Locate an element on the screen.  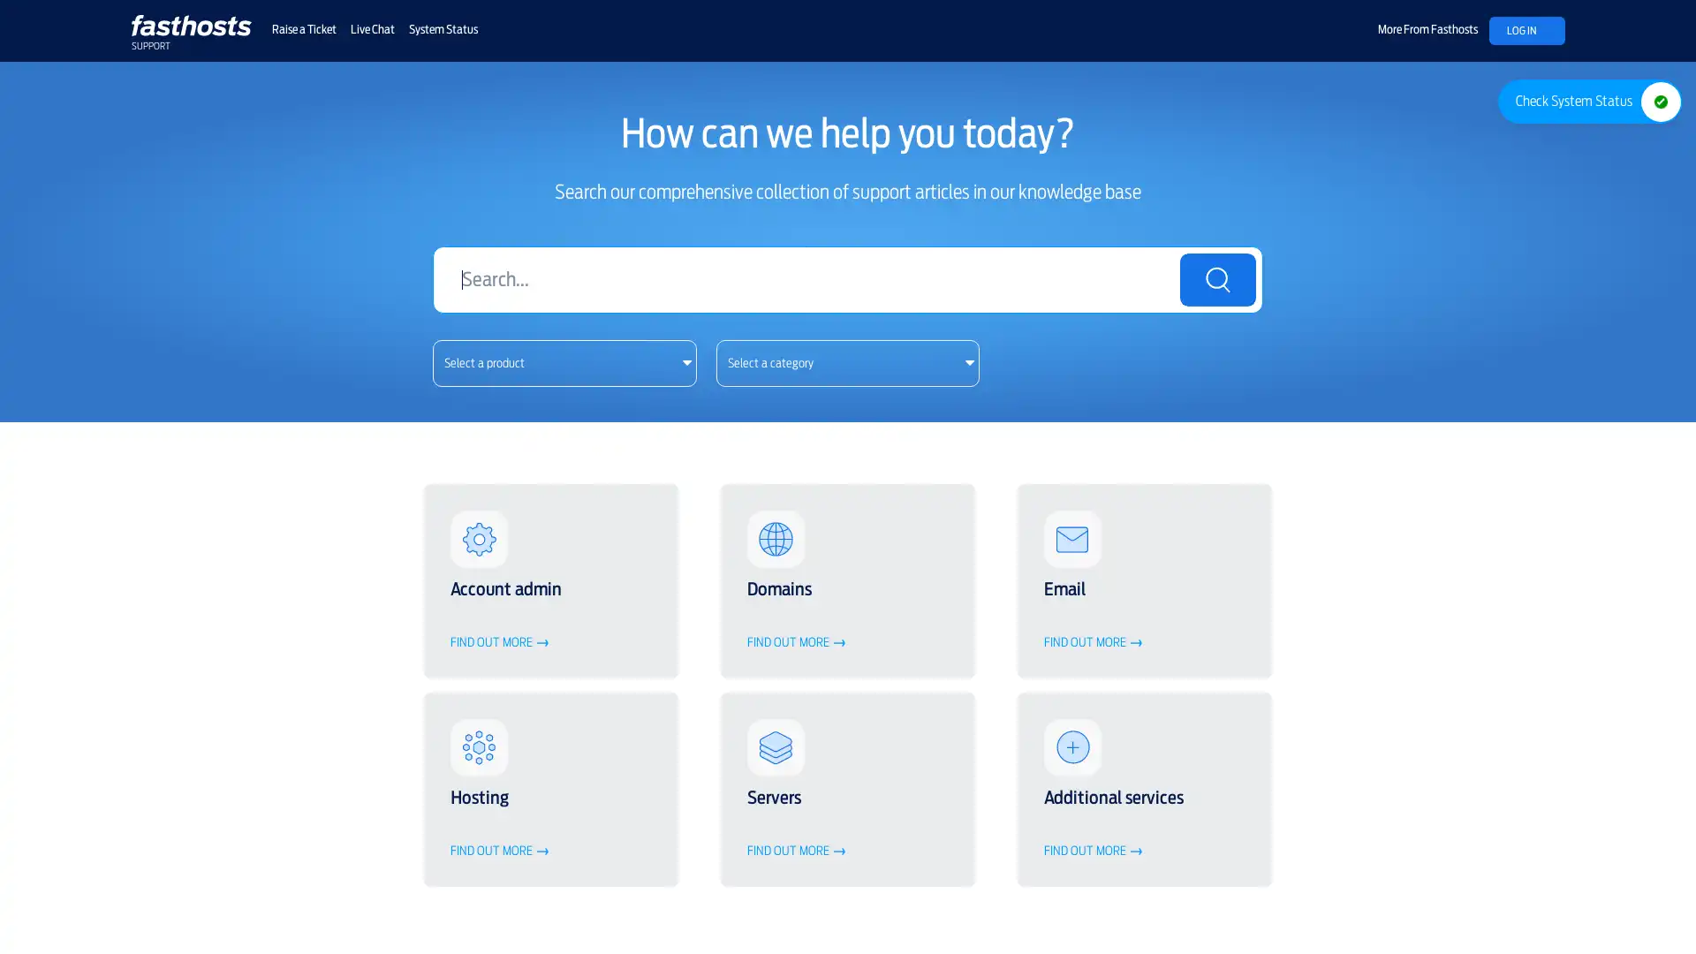
This button does not work with screen readers. Please use the previous link instead. Select a category is located at coordinates (846, 361).